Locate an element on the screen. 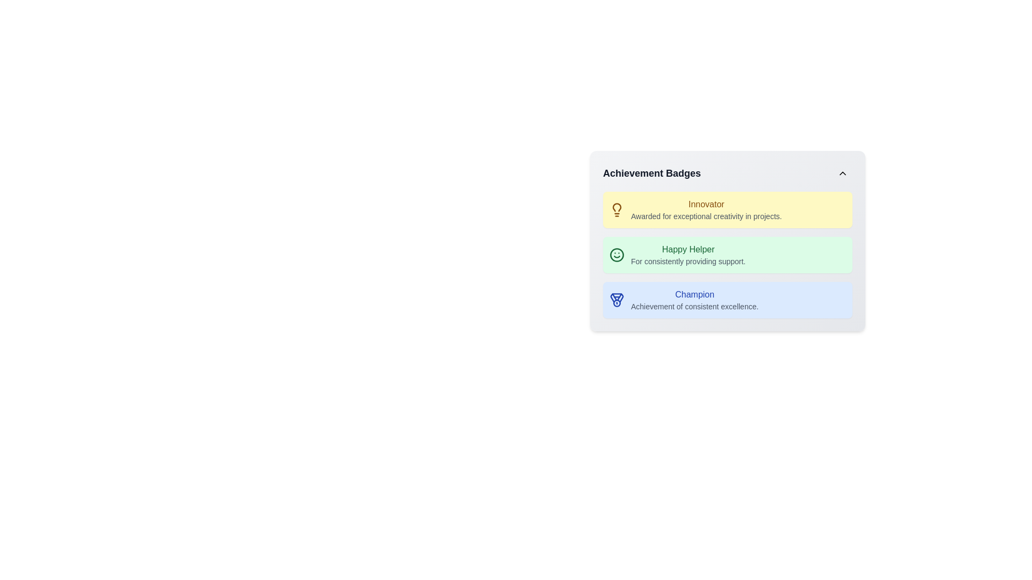  the 'Champion' informational badge, which is the third badge in a vertically stacked list, located directly below the 'Happy Helper' badge is located at coordinates (727, 300).